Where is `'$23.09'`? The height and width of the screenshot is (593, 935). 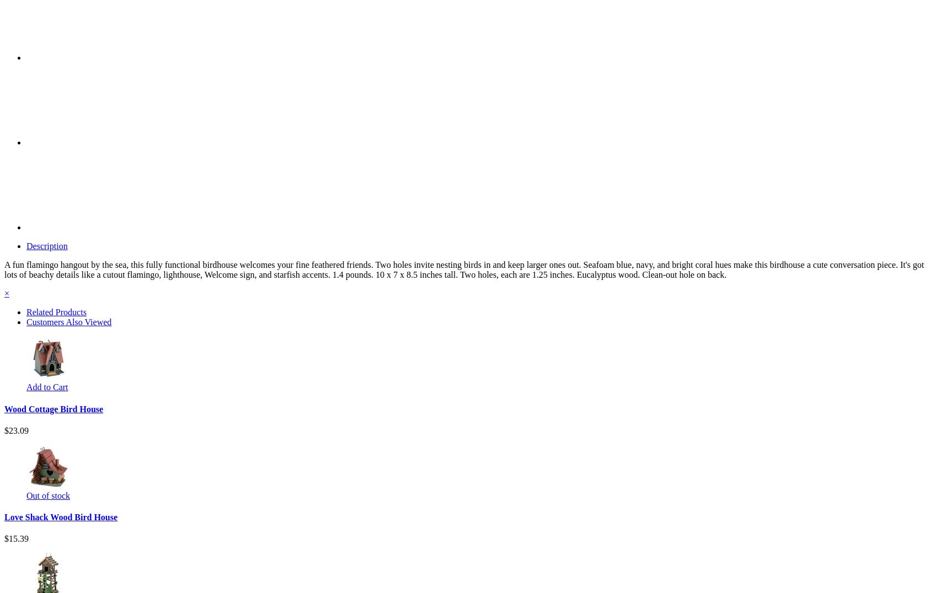
'$23.09' is located at coordinates (17, 430).